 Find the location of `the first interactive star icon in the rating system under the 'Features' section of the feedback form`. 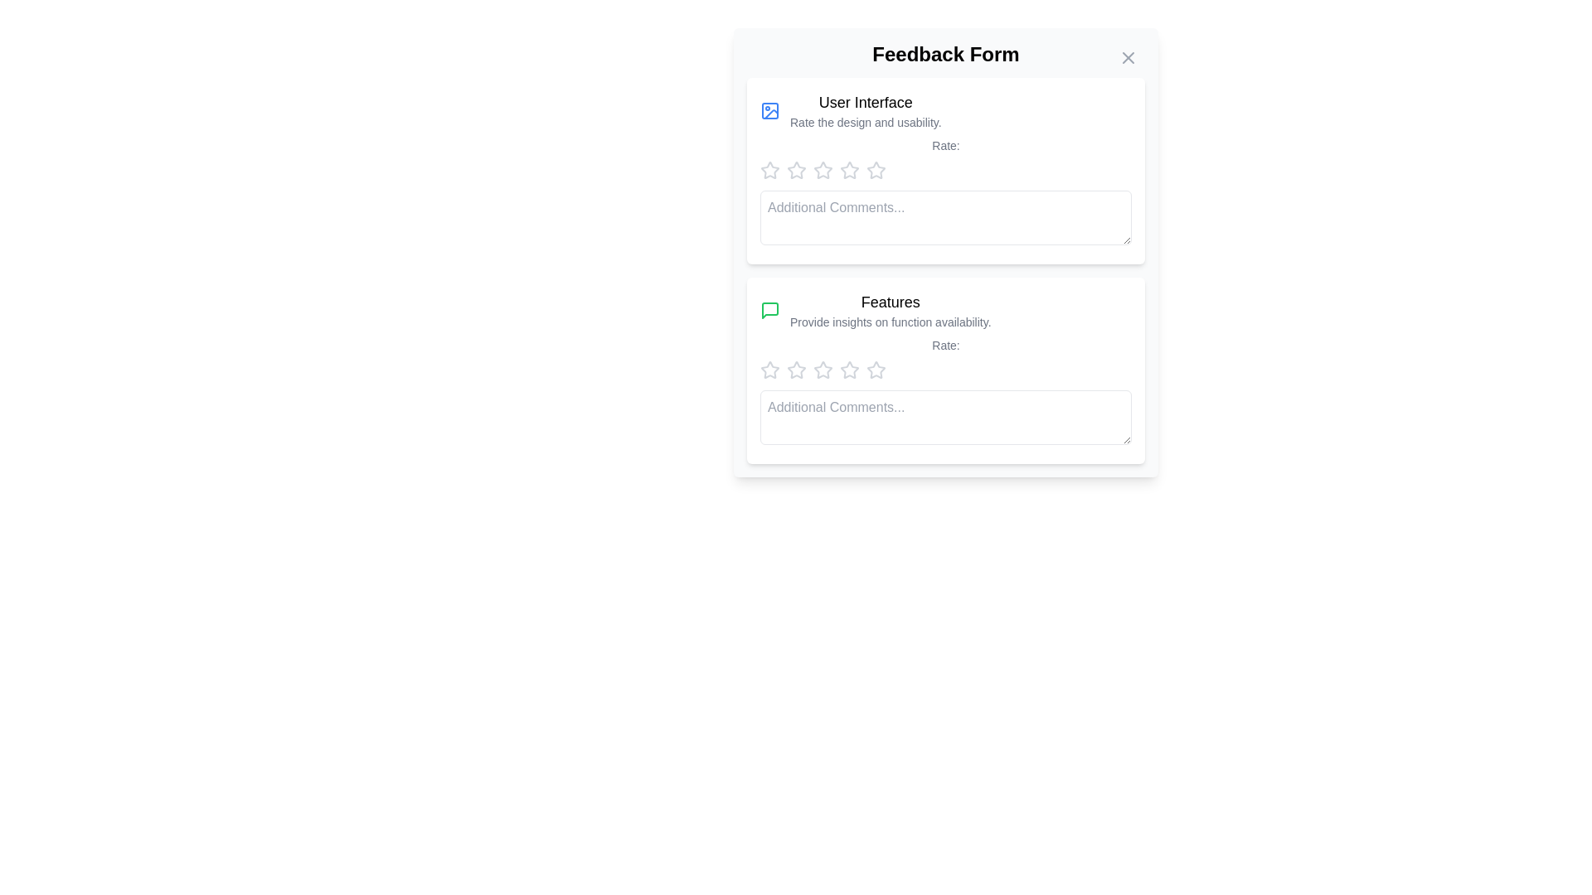

the first interactive star icon in the rating system under the 'Features' section of the feedback form is located at coordinates (769, 370).